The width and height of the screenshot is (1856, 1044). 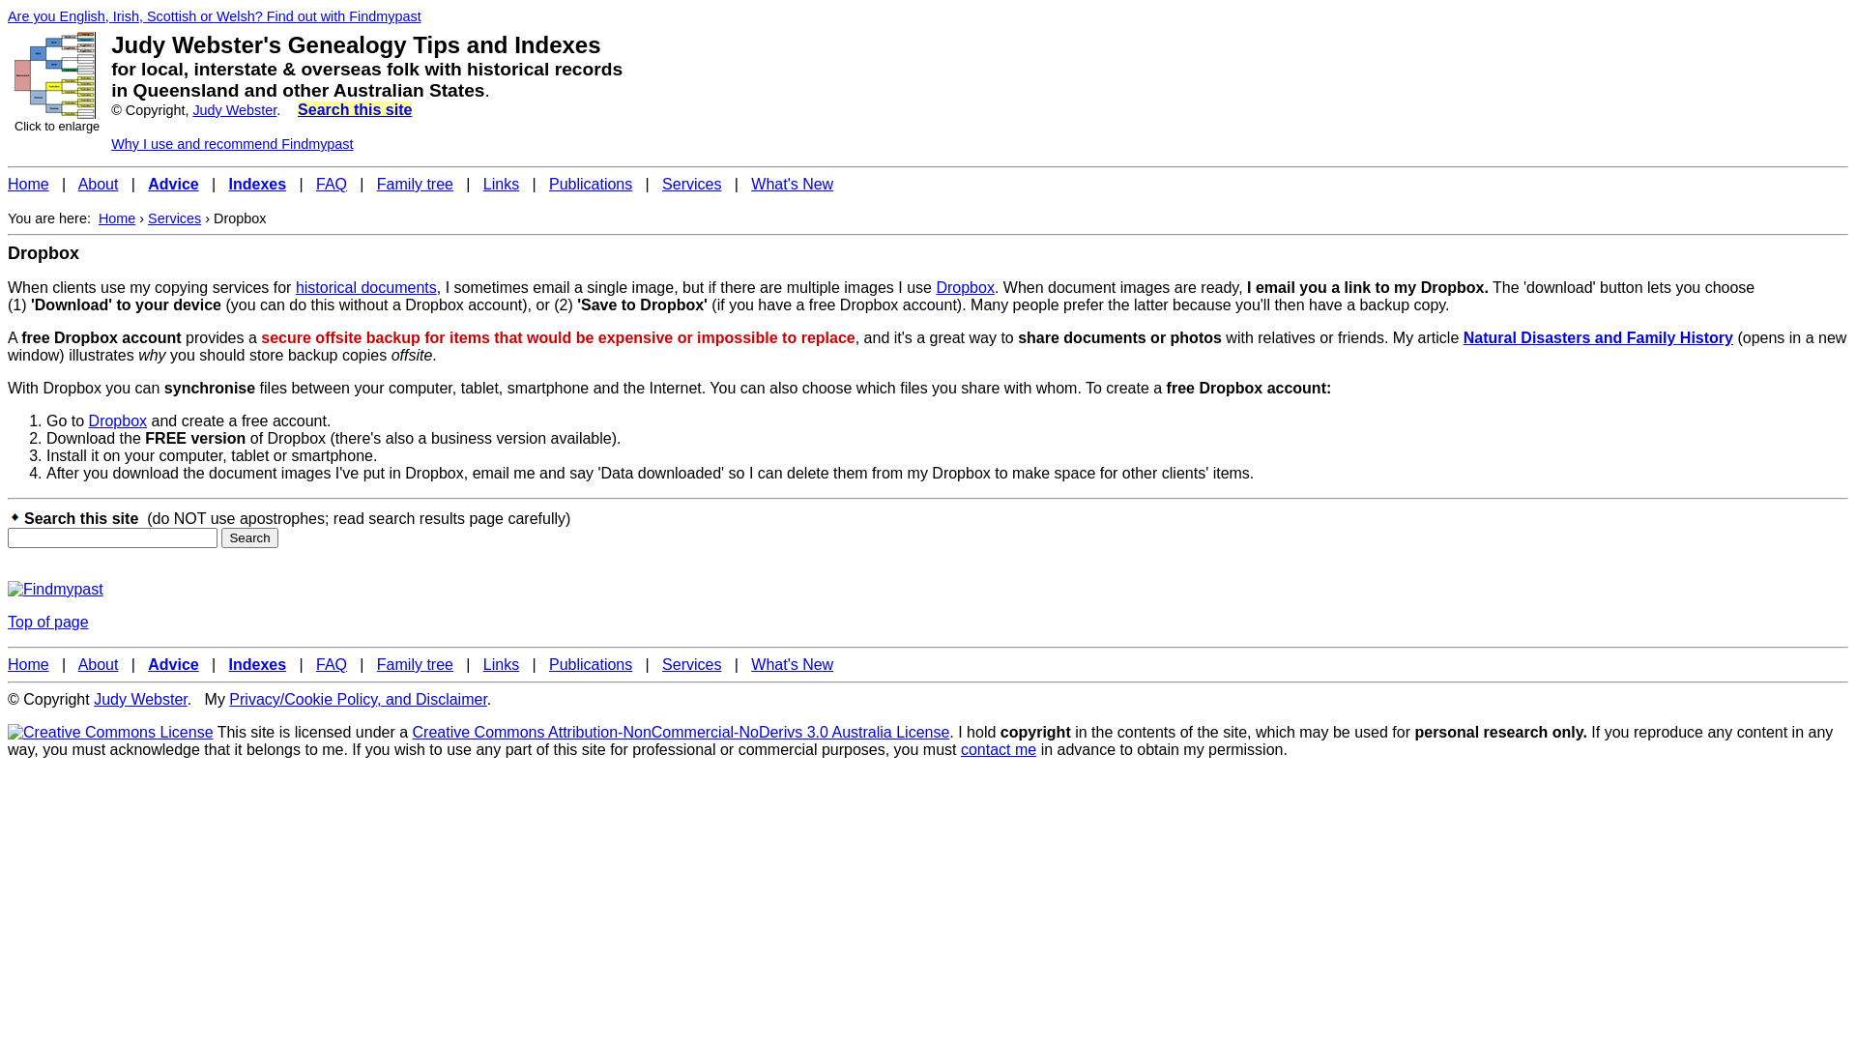 What do you see at coordinates (147, 184) in the screenshot?
I see `'Advice'` at bounding box center [147, 184].